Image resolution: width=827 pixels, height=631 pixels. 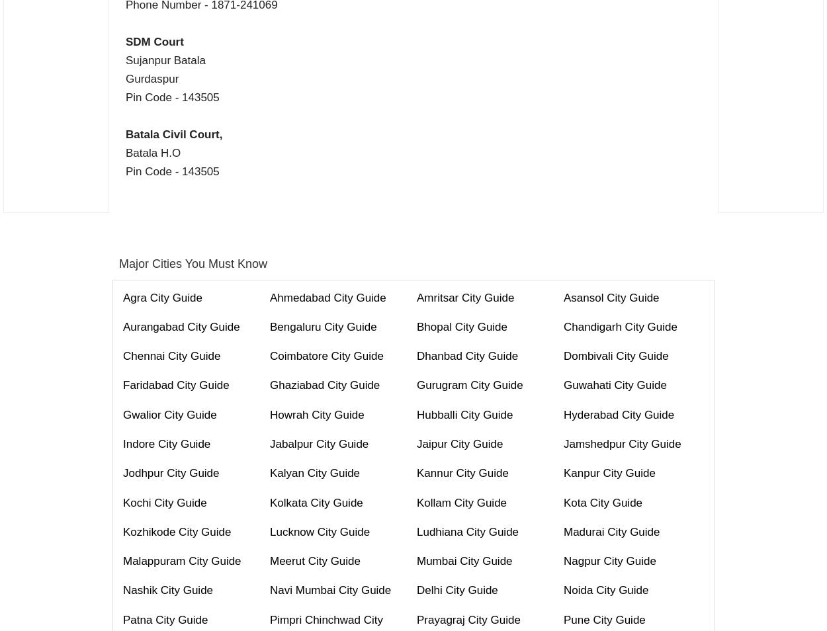 I want to click on 'Coimbatore City Guide', so click(x=270, y=355).